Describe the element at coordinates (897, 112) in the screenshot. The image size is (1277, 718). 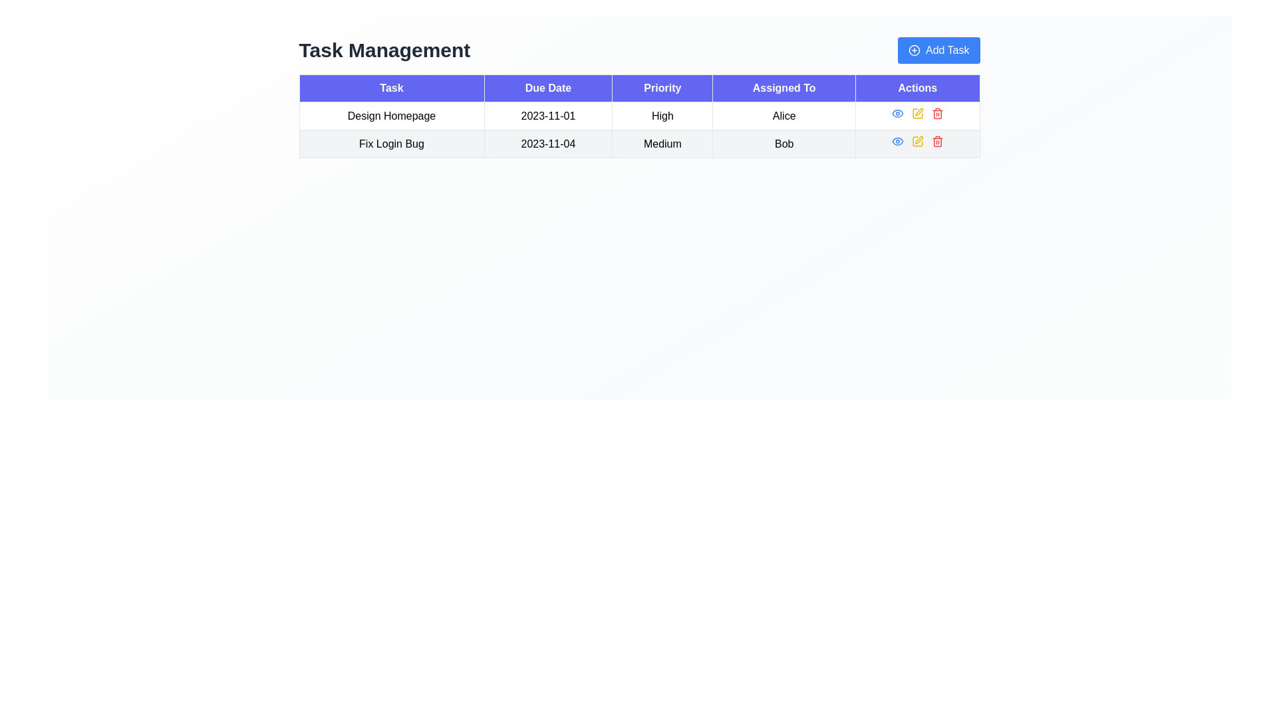
I see `the eye-shaped button icon in the 'Actions' column of the second row` at that location.